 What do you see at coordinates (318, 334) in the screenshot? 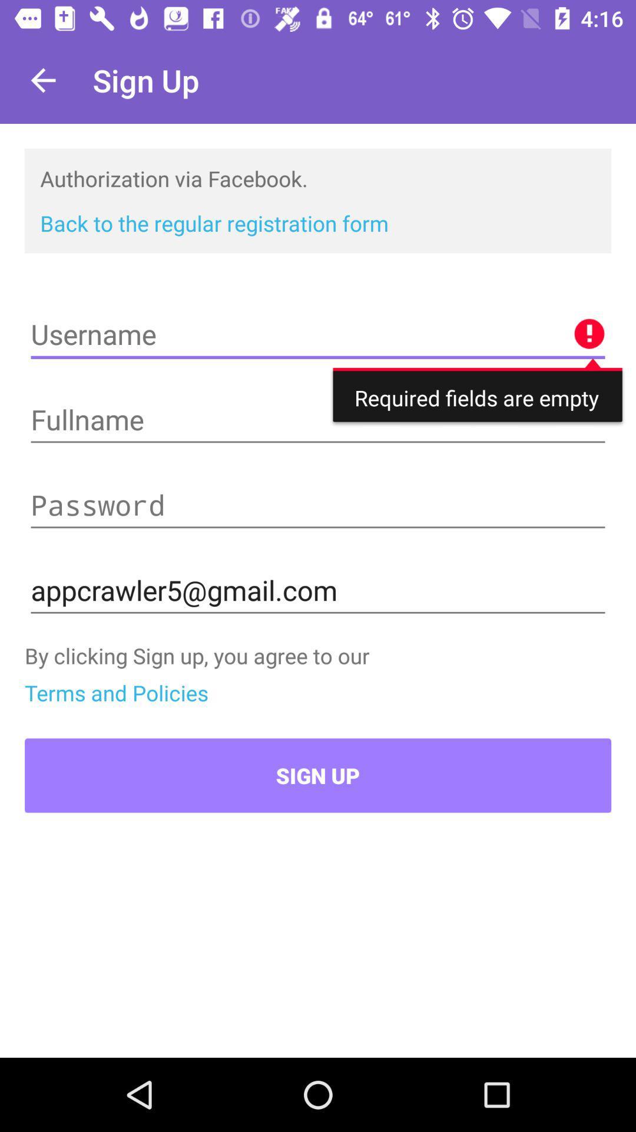
I see `text area` at bounding box center [318, 334].